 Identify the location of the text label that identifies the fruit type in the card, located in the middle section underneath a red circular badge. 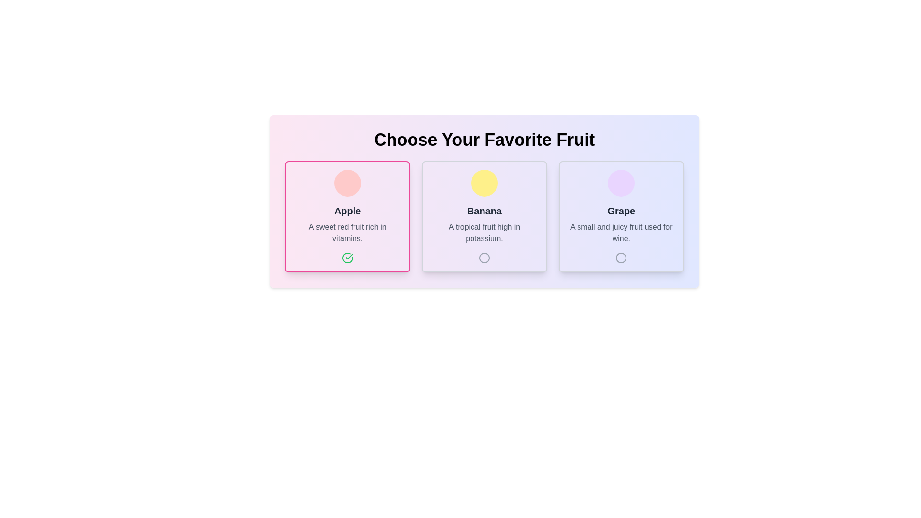
(347, 210).